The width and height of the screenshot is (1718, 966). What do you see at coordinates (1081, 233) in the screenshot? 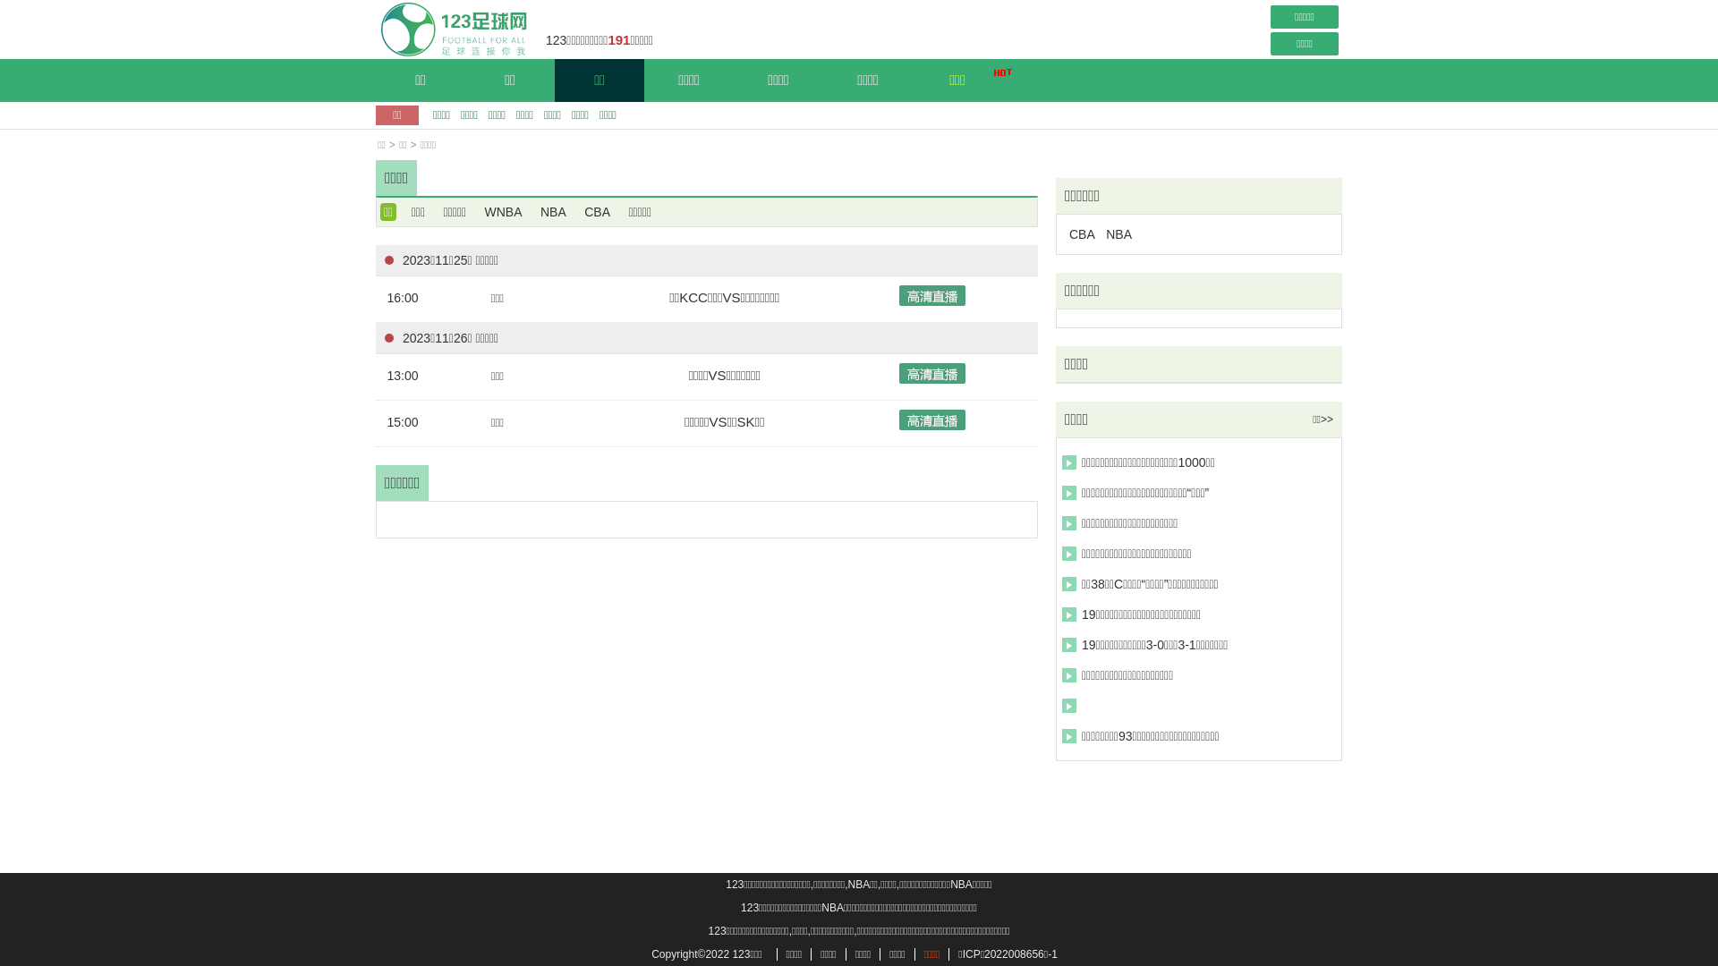
I see `'CBA'` at bounding box center [1081, 233].